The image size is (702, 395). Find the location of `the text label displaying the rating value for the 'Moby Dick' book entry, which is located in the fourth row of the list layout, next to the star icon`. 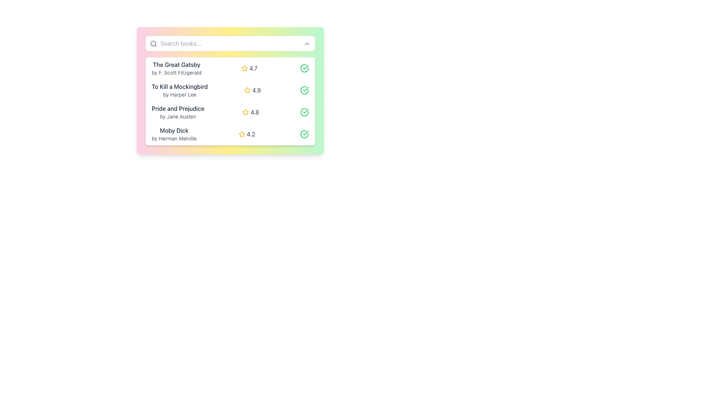

the text label displaying the rating value for the 'Moby Dick' book entry, which is located in the fourth row of the list layout, next to the star icon is located at coordinates (251, 134).